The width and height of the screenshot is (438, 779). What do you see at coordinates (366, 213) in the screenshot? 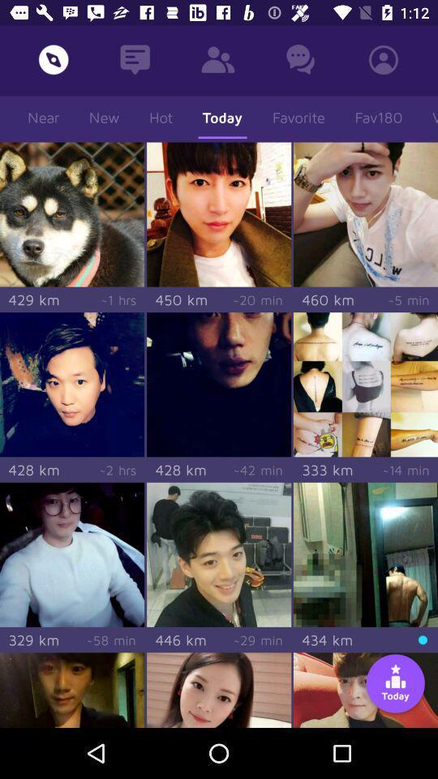
I see `the third image in the first row` at bounding box center [366, 213].